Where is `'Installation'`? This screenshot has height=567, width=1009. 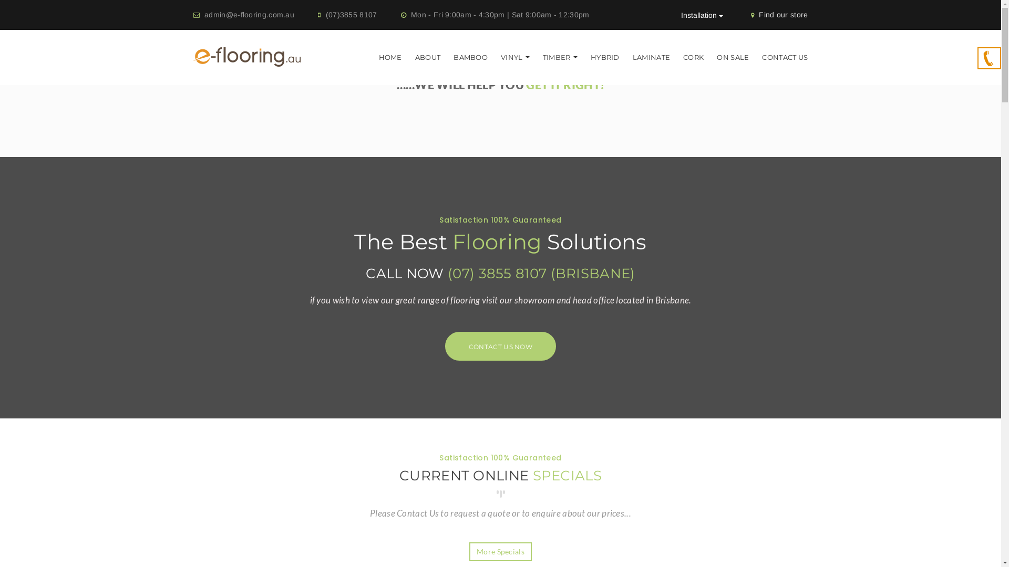
'Installation' is located at coordinates (702, 15).